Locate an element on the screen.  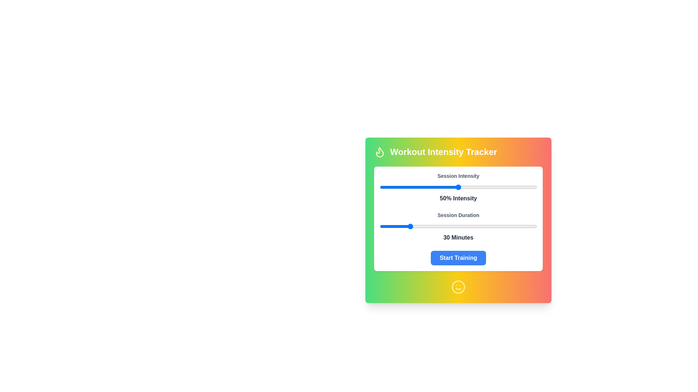
the session duration slider to set the duration to 31 minutes is located at coordinates (410, 226).